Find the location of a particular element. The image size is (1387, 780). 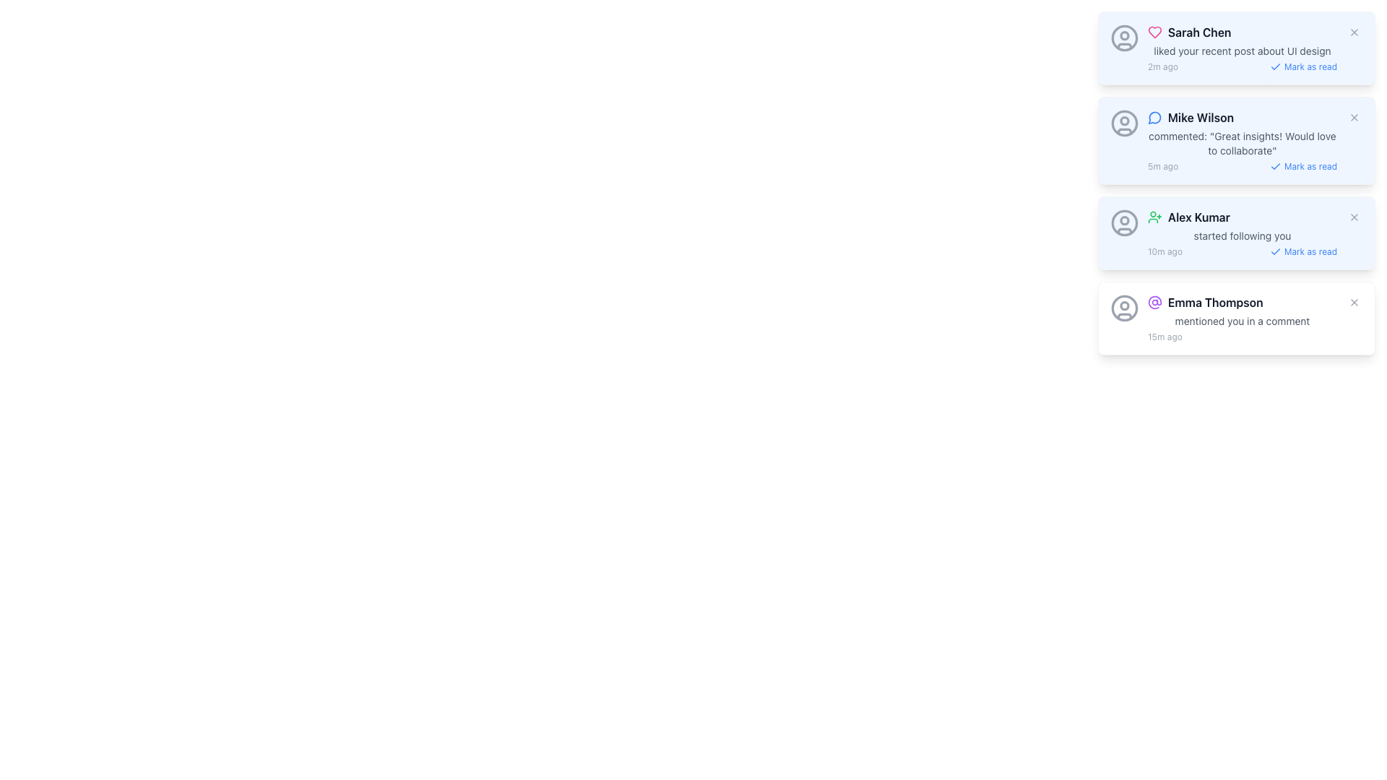

the heart-shaped notification icon related to 'Sarah Chen' that indicates she liked your recent post about UI design is located at coordinates (1154, 32).